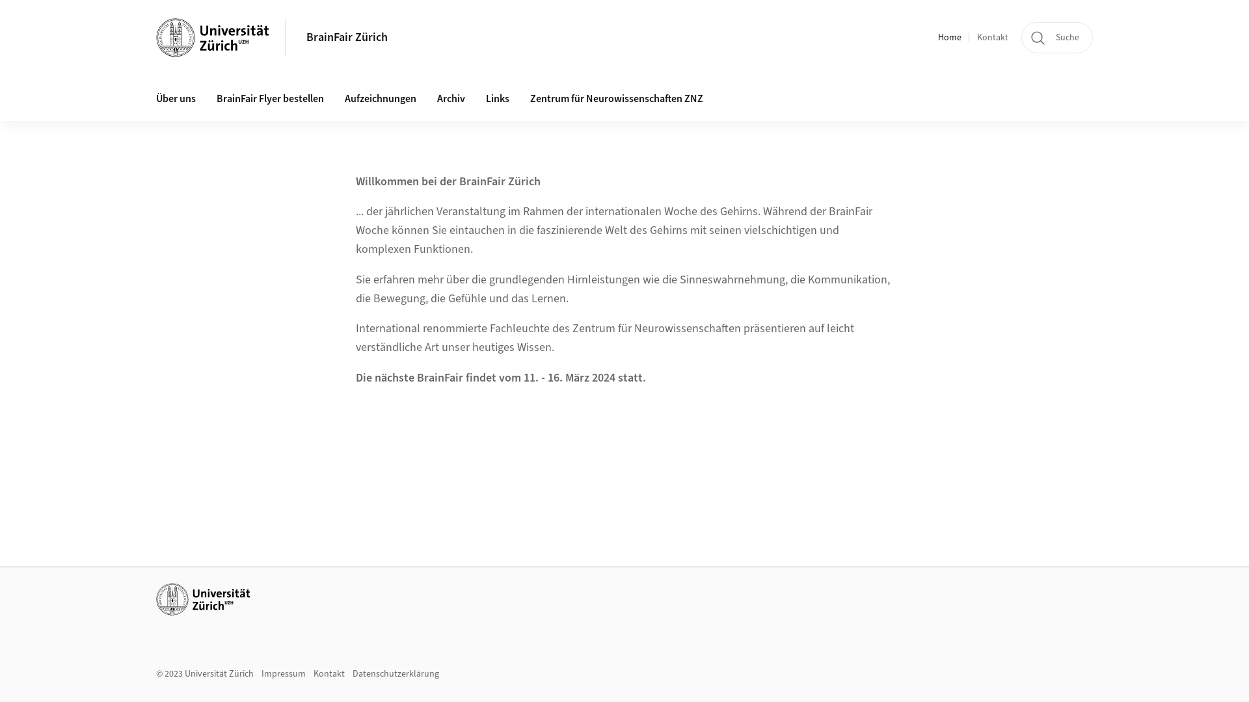 The height and width of the screenshot is (702, 1249). Describe the element at coordinates (269, 99) in the screenshot. I see `'BrainFair Flyer bestellen'` at that location.